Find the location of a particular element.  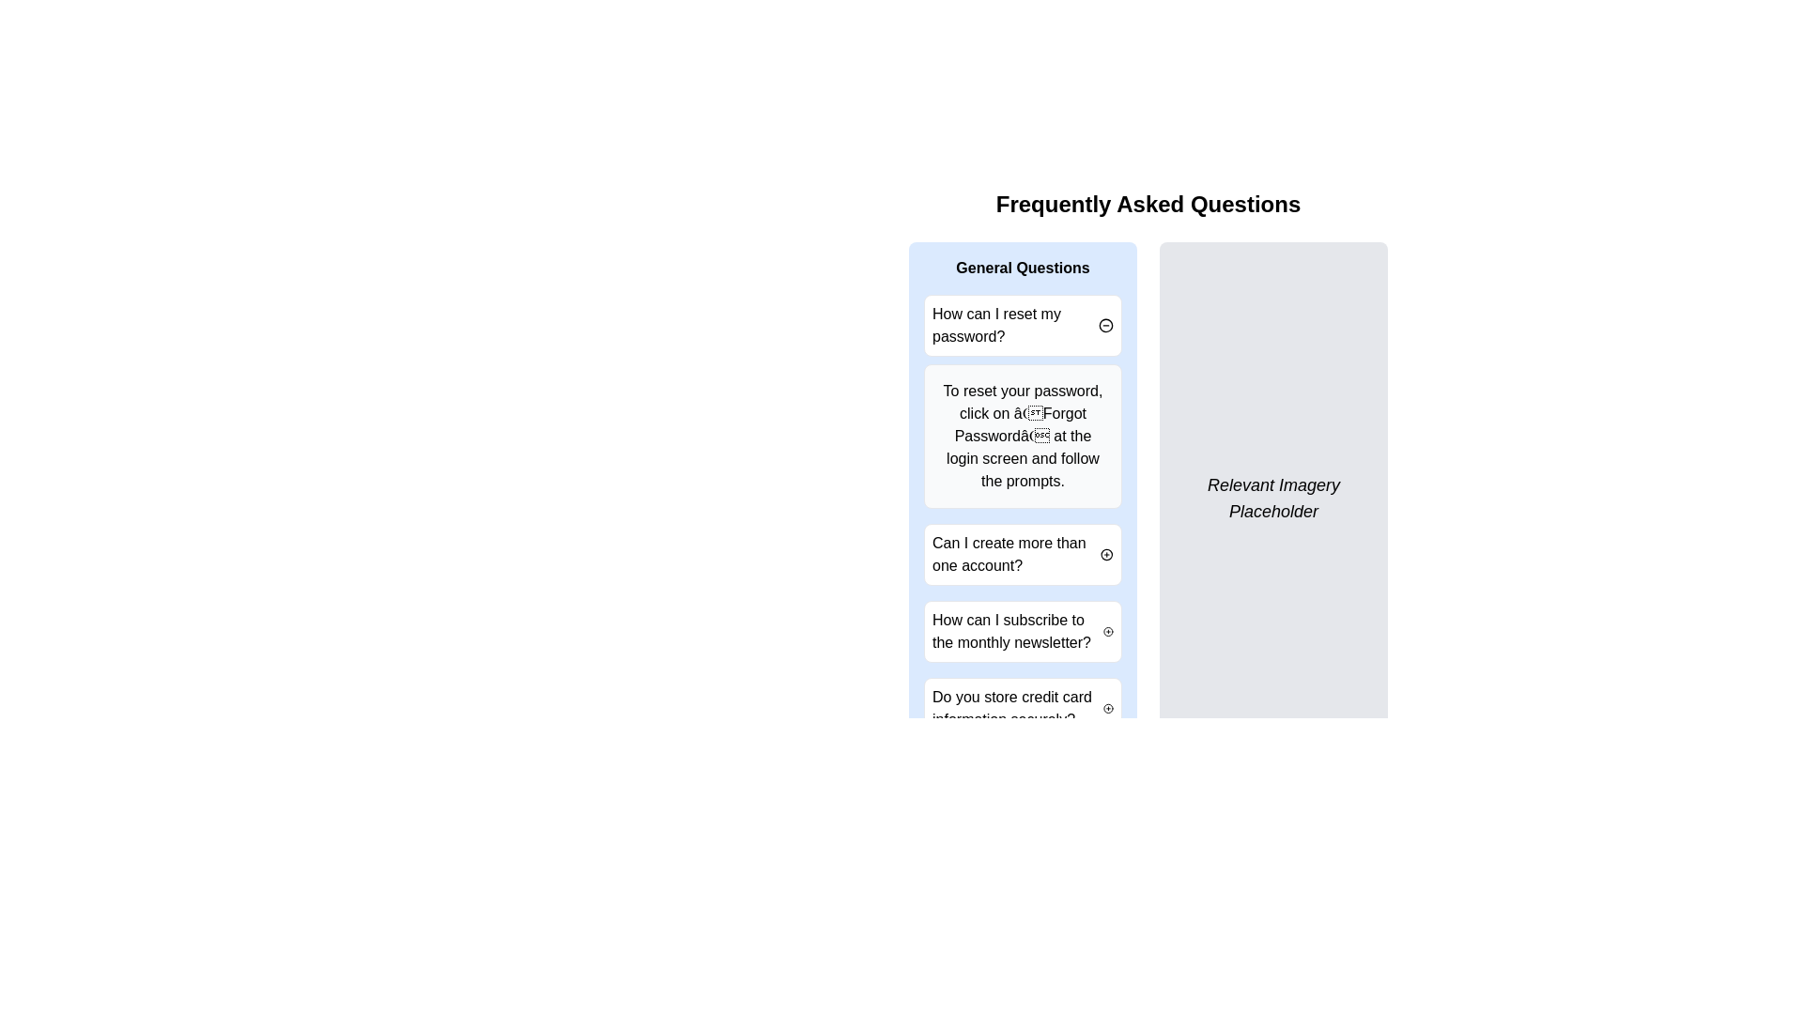

the action trigger icon located at the far right of the row containing the text 'Do you store credit card information securely?' is located at coordinates (1108, 709).